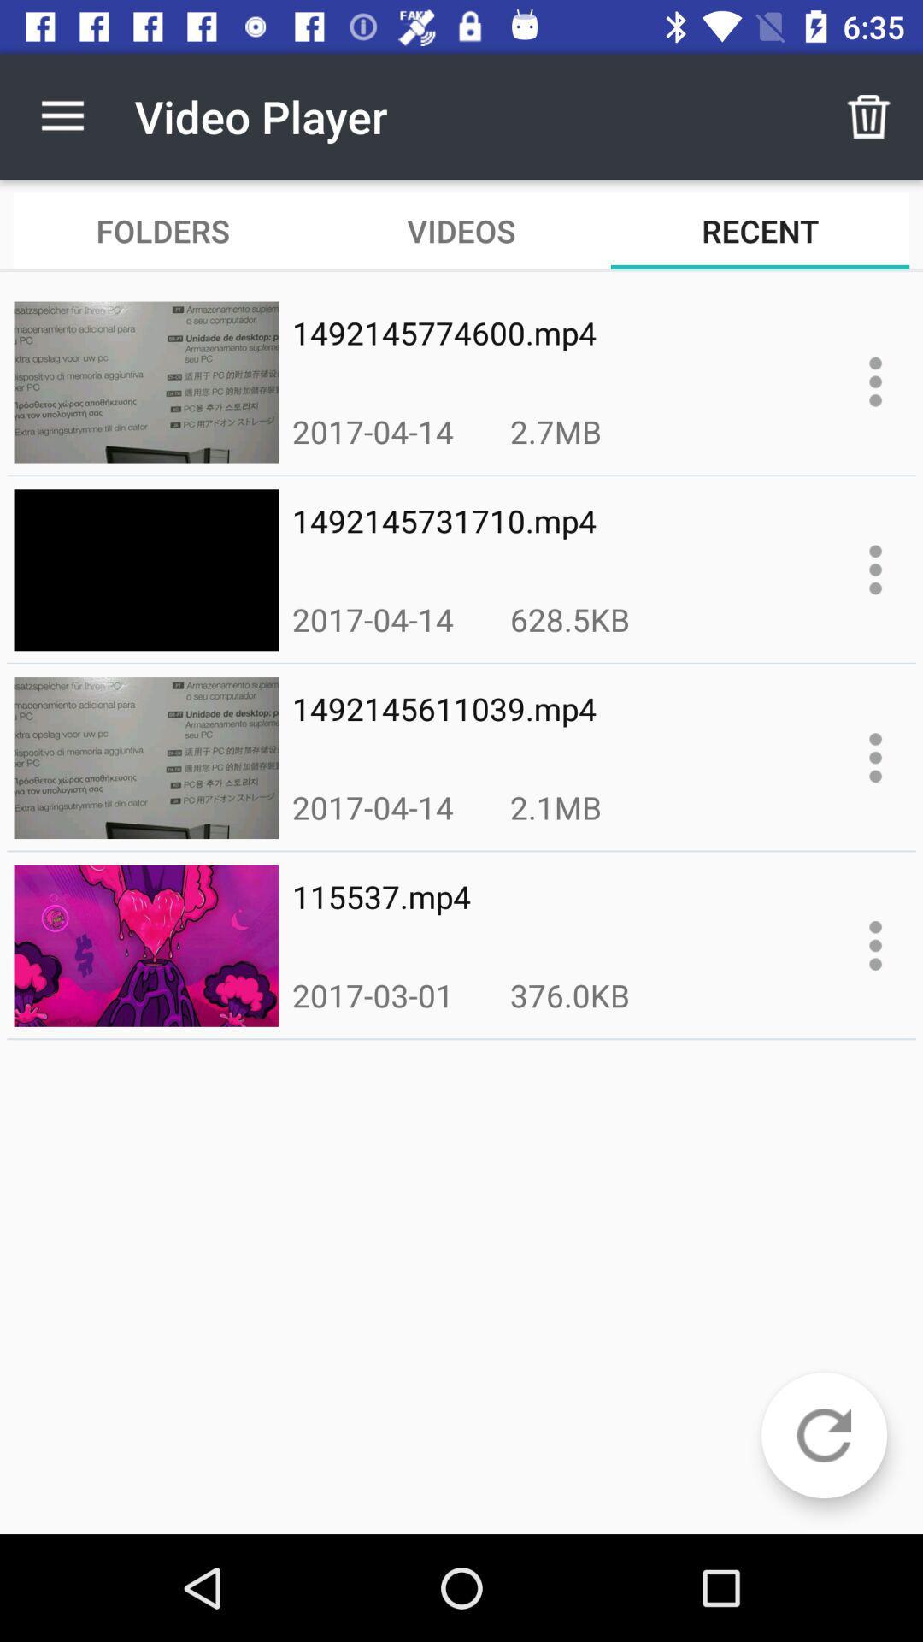  What do you see at coordinates (875, 757) in the screenshot?
I see `more info` at bounding box center [875, 757].